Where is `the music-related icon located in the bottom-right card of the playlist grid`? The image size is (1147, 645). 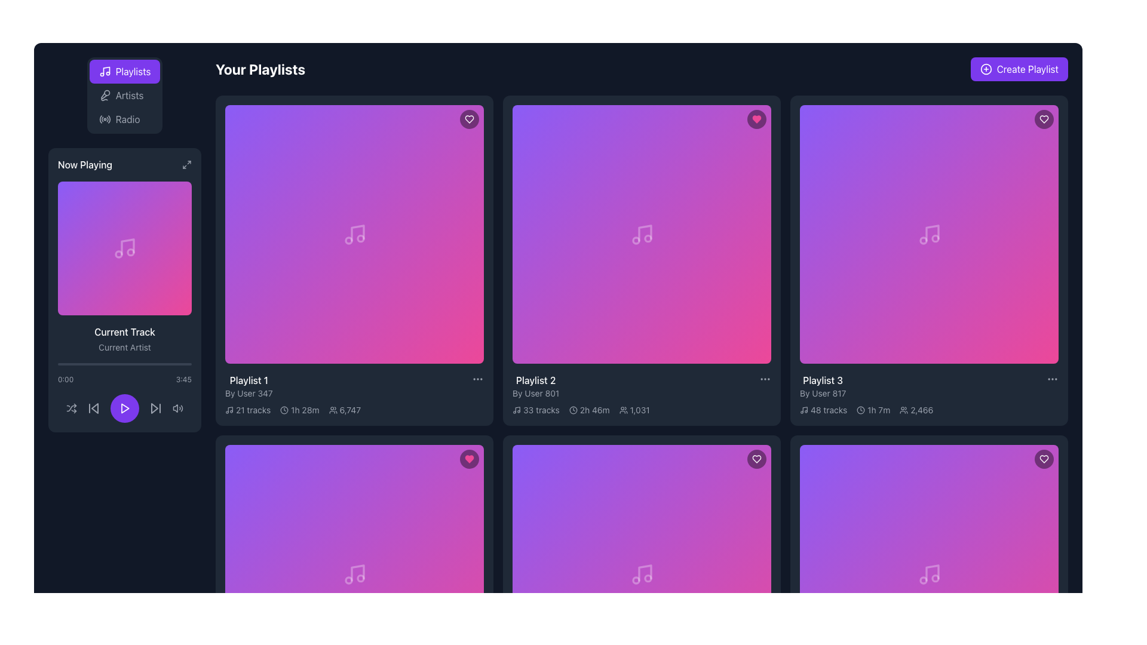
the music-related icon located in the bottom-right card of the playlist grid is located at coordinates (354, 573).